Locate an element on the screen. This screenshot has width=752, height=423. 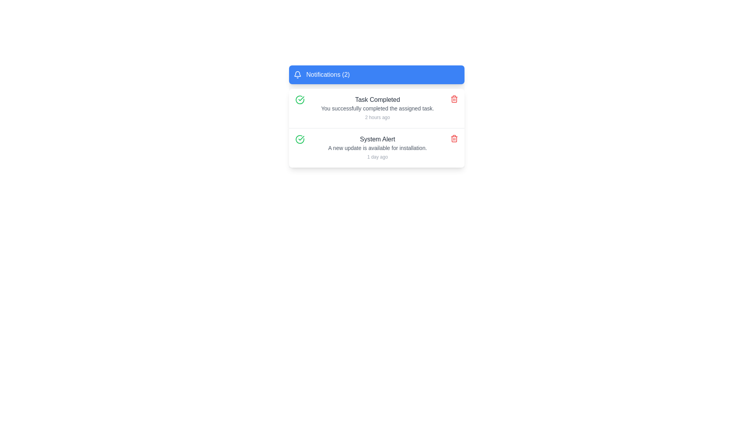
the circular green outlined icon with a checkmark that indicates task completion, located next to the 'Task Completed' text in the notification list is located at coordinates (300, 99).